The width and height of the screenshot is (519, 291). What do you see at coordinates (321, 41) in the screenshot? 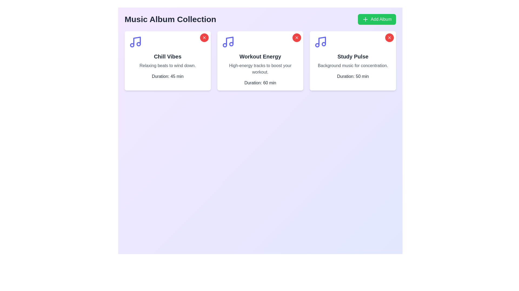
I see `the music icon in the 'Study Pulse' card, which indicates background music for concentration` at bounding box center [321, 41].